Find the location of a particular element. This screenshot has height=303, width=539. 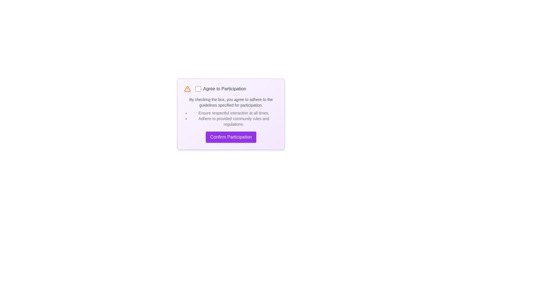

the confirm participation button located at the bottom of the light purple card containing instructions is located at coordinates (231, 137).